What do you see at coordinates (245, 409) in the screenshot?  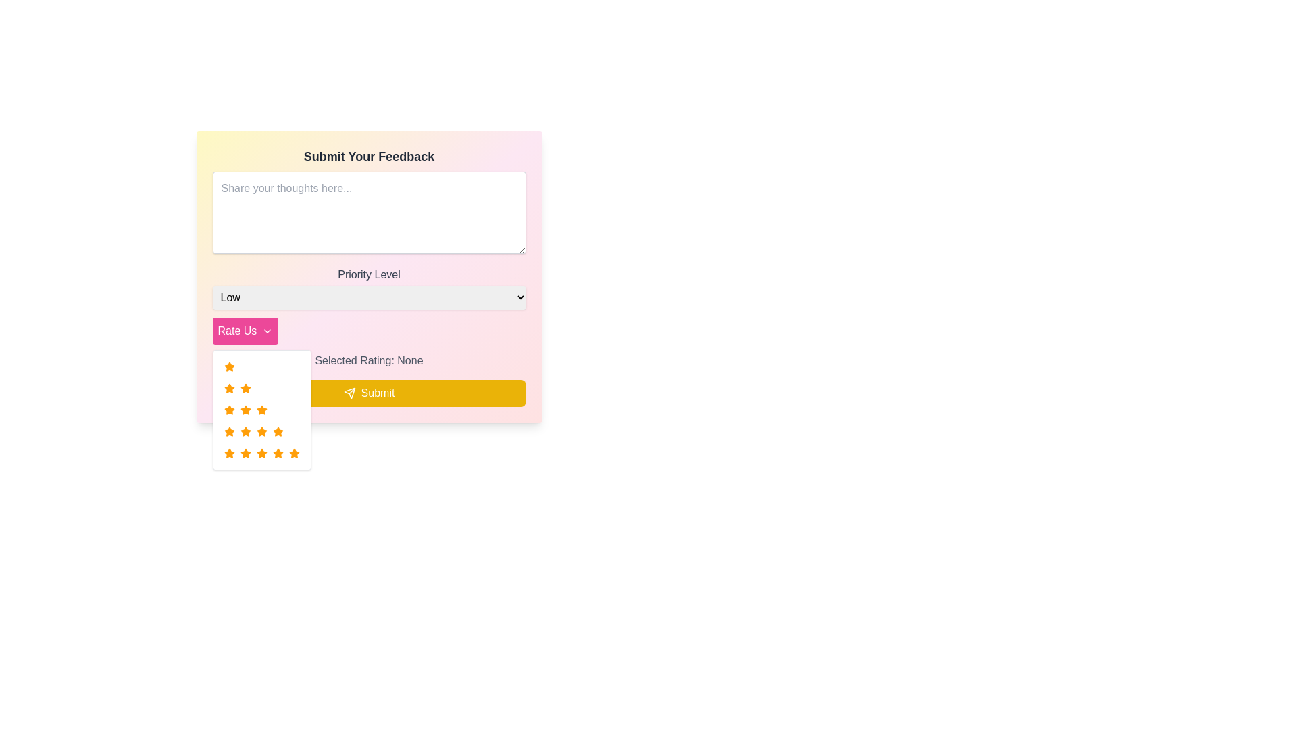 I see `the bright orange star-shaped button in the star rating component` at bounding box center [245, 409].